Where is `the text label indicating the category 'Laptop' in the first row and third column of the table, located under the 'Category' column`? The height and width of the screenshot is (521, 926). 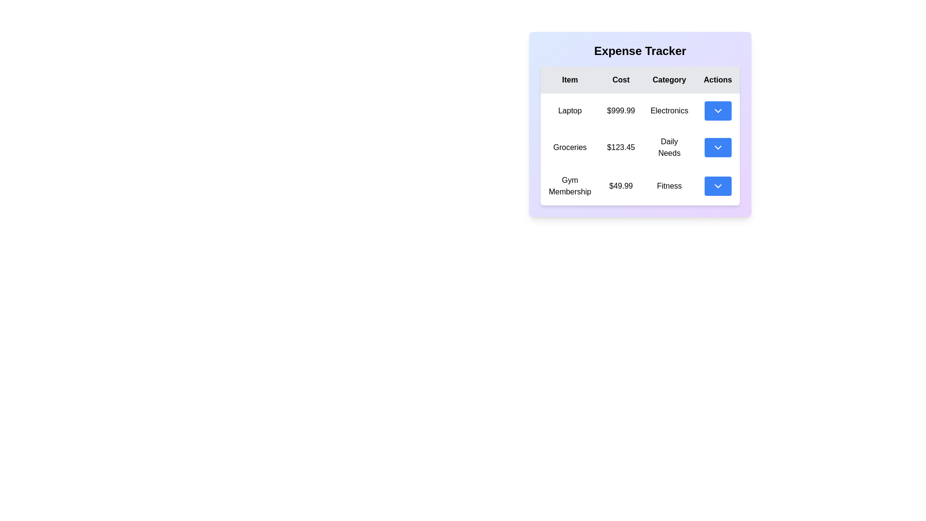 the text label indicating the category 'Laptop' in the first row and third column of the table, located under the 'Category' column is located at coordinates (668, 110).